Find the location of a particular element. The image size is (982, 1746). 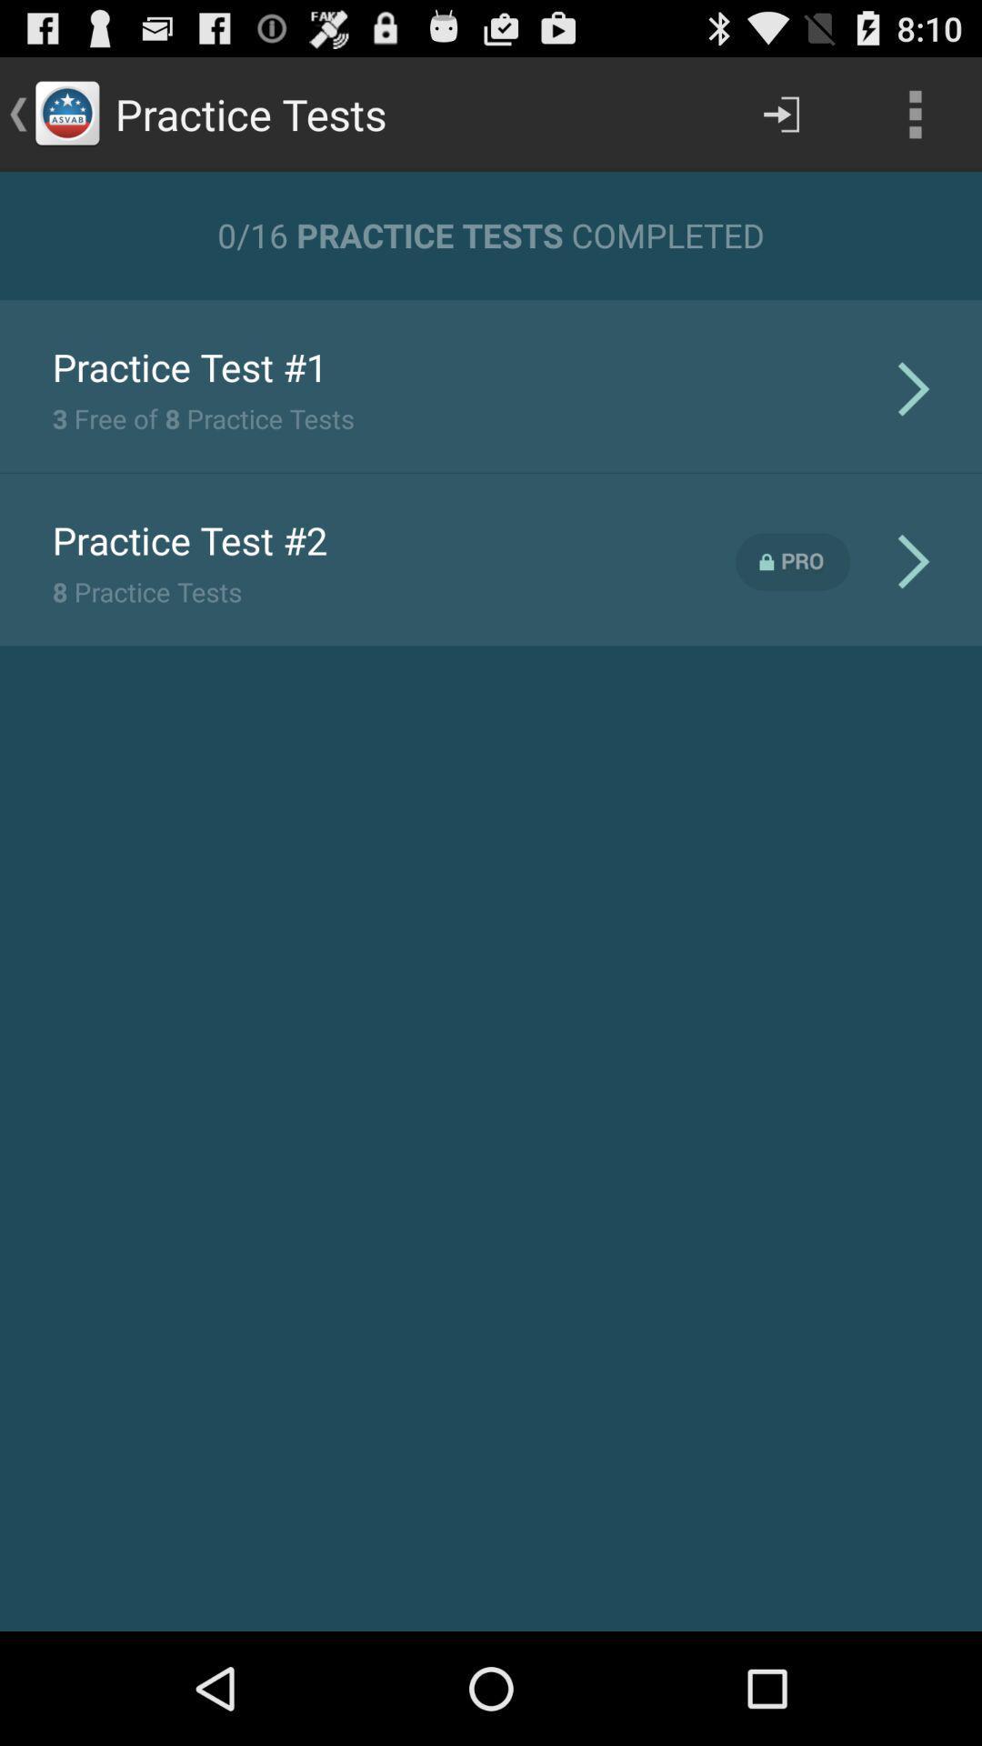

the icon next to the practice test #2 app is located at coordinates (792, 561).